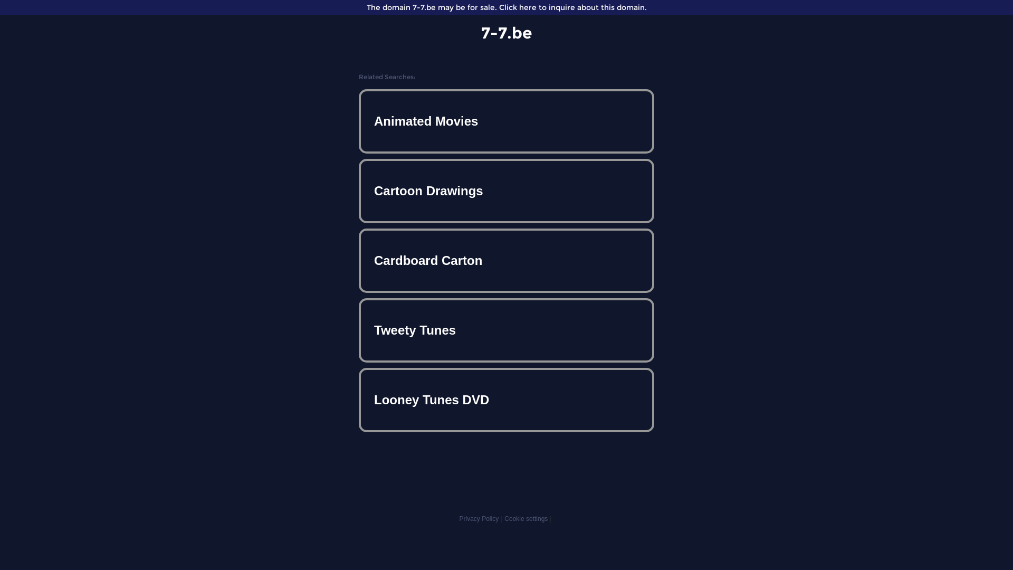 This screenshot has height=570, width=1013. I want to click on 'Cartoon Drawings', so click(361, 191).